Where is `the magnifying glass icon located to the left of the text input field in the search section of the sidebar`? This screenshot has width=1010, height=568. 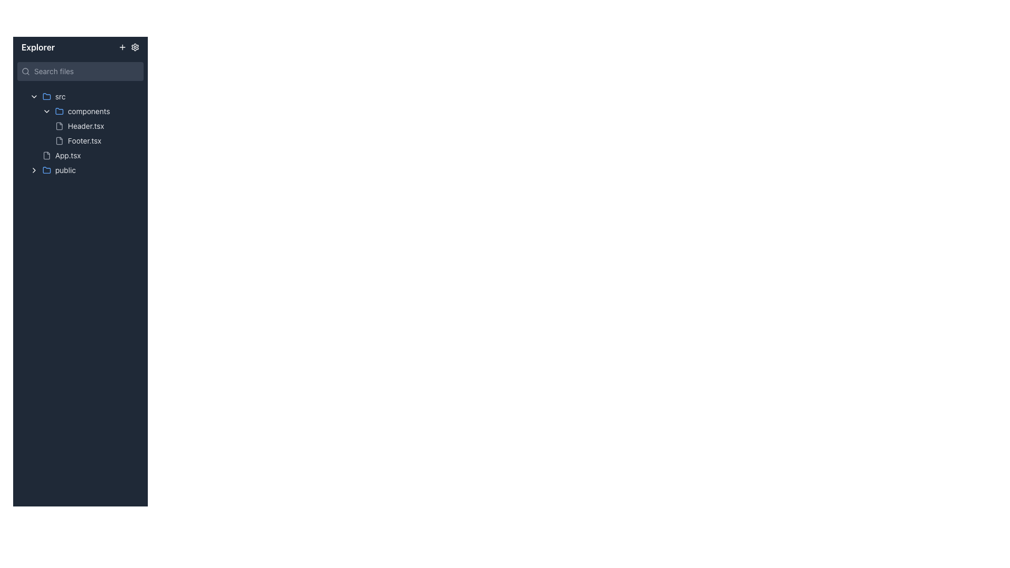 the magnifying glass icon located to the left of the text input field in the search section of the sidebar is located at coordinates (25, 71).